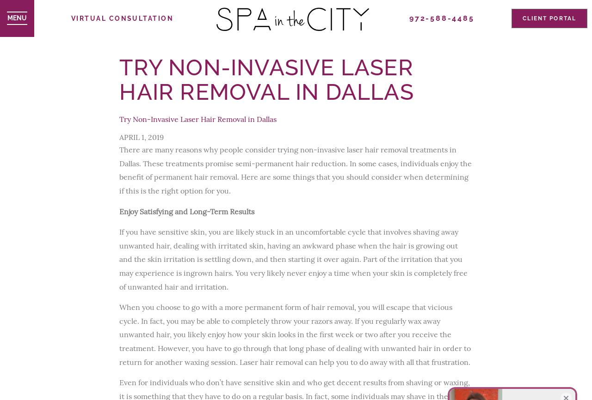 Image resolution: width=592 pixels, height=400 pixels. What do you see at coordinates (295, 169) in the screenshot?
I see `'There are many reasons why people consider trying non-invasive laser hair removal treatments in Dallas. These treatments promise semi-permanent hair reduction. In some cases, individuals enjoy the benefit of permanent hair removal. Here are some things that you should consider when determining if this is the right option for you.'` at bounding box center [295, 169].